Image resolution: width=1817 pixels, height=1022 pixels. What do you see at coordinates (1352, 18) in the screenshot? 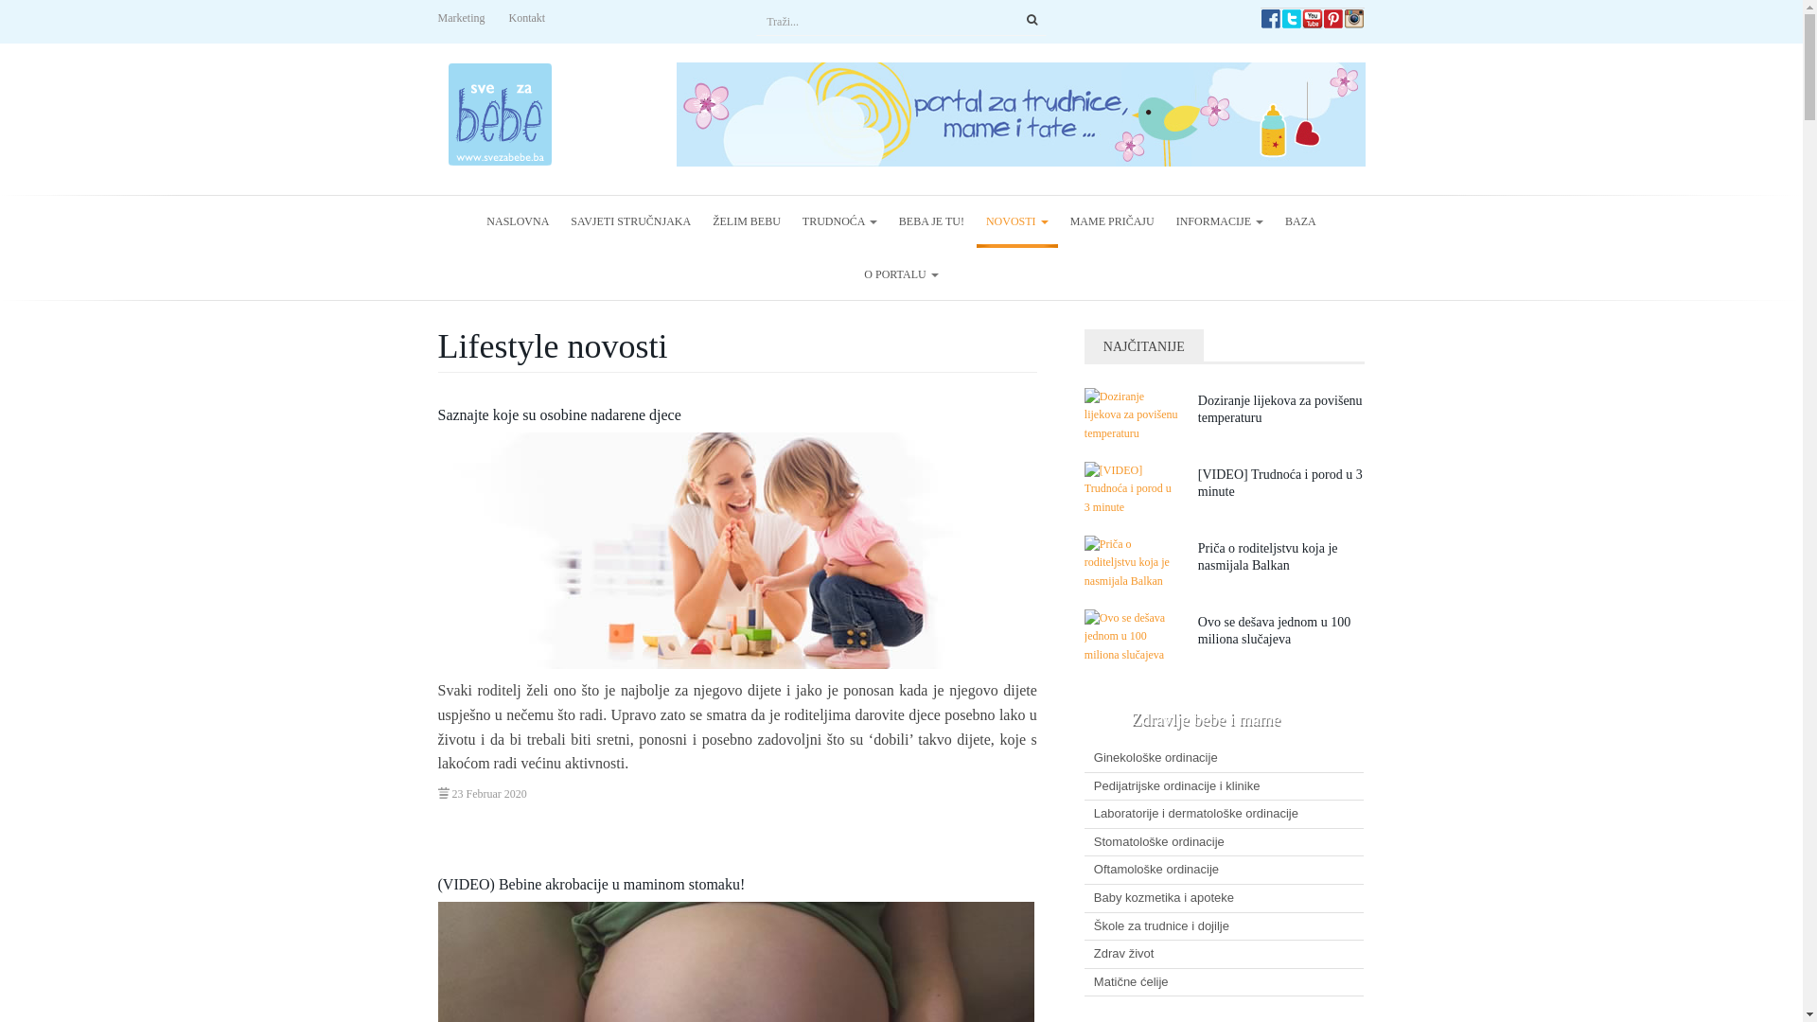
I see `'svezabebe.ba Instagram'` at bounding box center [1352, 18].